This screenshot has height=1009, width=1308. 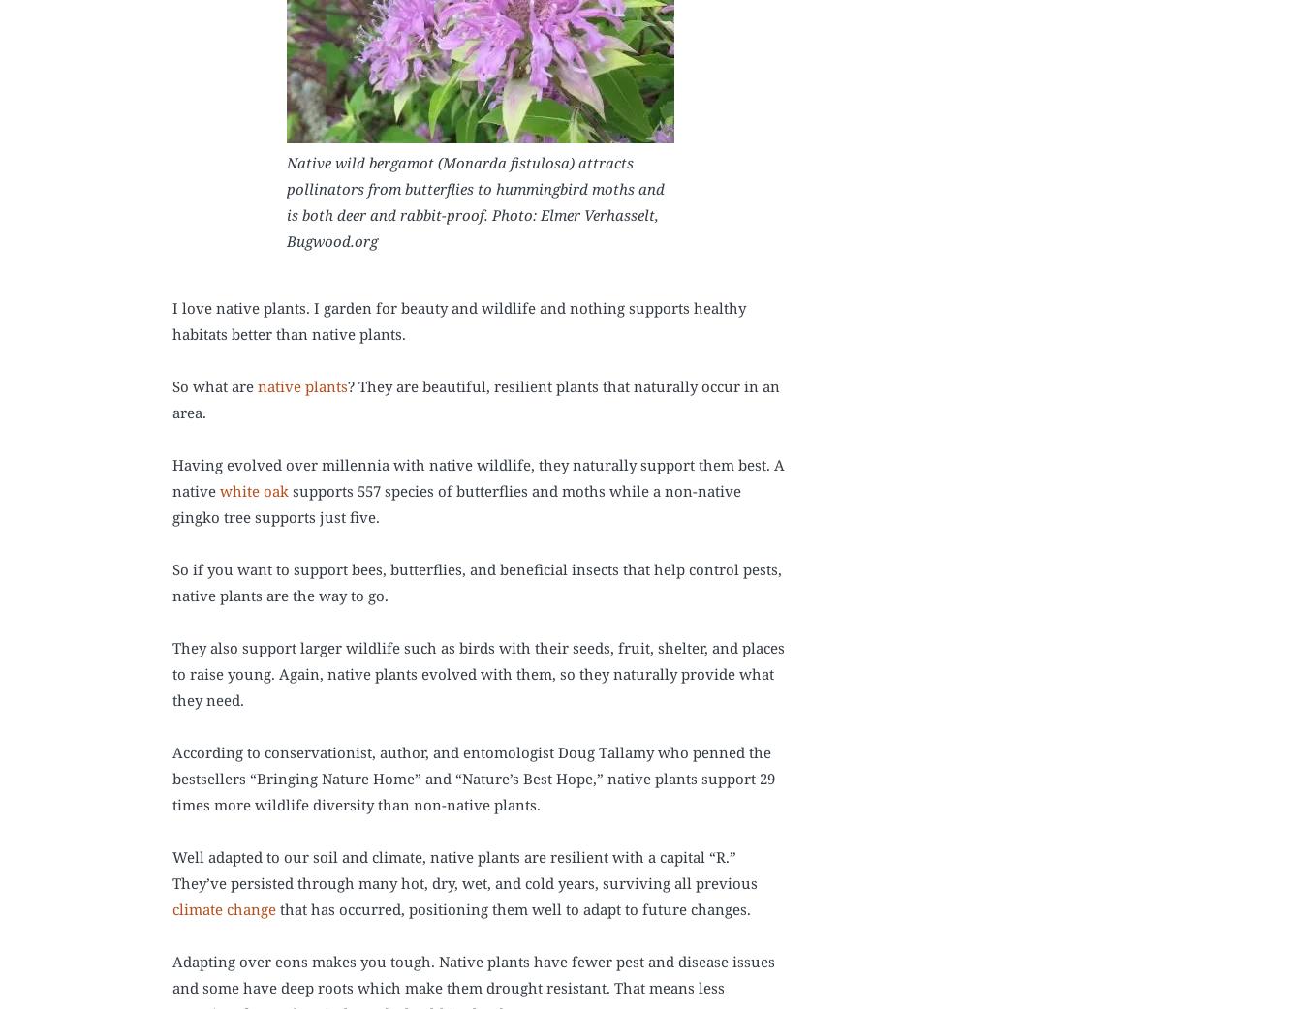 What do you see at coordinates (477, 672) in the screenshot?
I see `'They also support larger wildlife such as birds with their seeds, fruit, shelter, and places to raise young. Again, native plants evolved with them, so they naturally provide what they need.'` at bounding box center [477, 672].